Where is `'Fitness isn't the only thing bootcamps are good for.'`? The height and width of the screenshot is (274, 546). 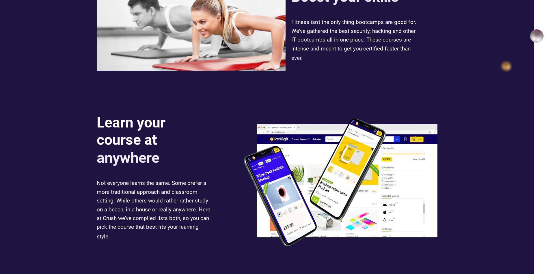 'Fitness isn't the only thing bootcamps are good for.' is located at coordinates (354, 25).